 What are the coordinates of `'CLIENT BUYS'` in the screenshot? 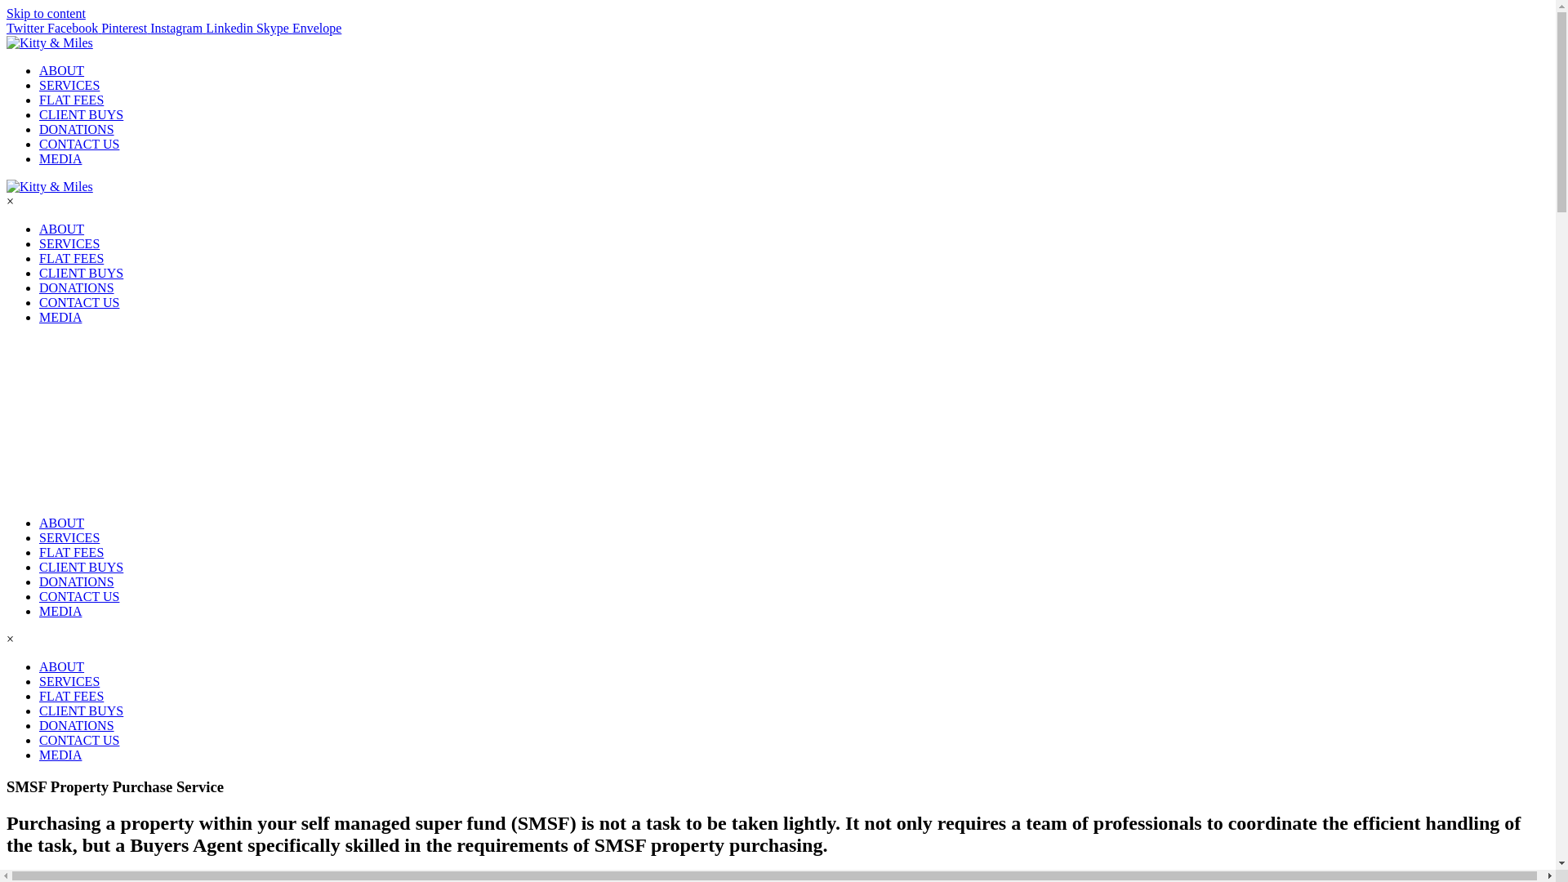 It's located at (80, 566).